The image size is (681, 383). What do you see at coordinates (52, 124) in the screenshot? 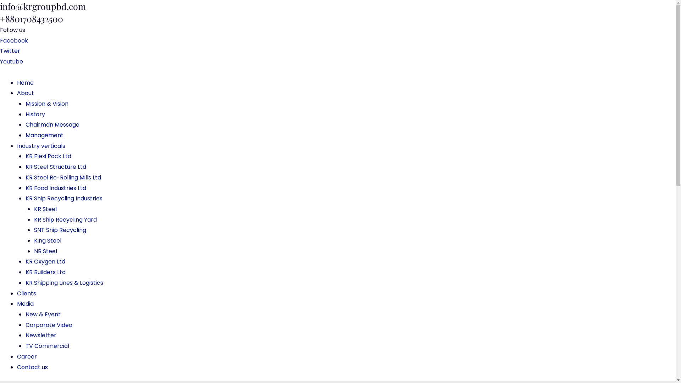
I see `'Chairman Message'` at bounding box center [52, 124].